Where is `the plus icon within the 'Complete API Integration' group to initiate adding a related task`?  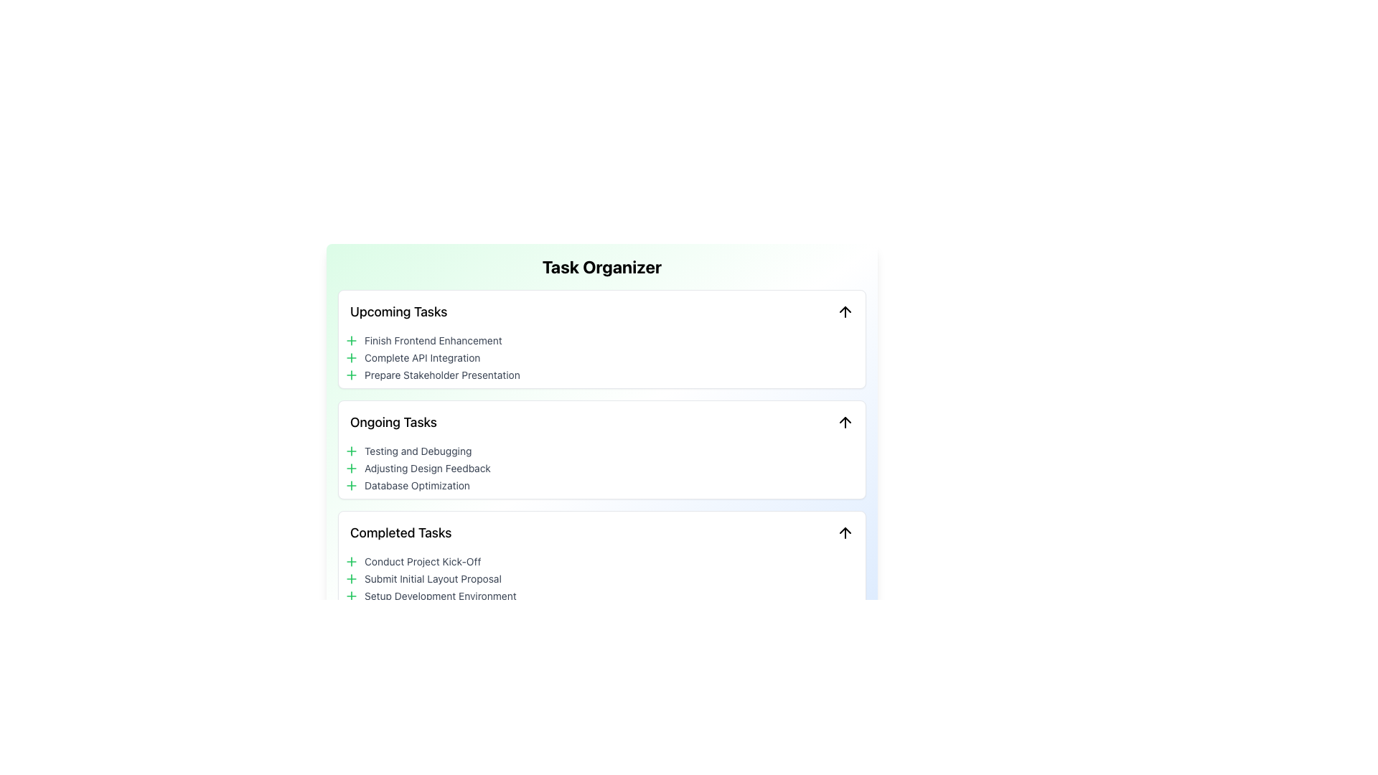
the plus icon within the 'Complete API Integration' group to initiate adding a related task is located at coordinates (351, 357).